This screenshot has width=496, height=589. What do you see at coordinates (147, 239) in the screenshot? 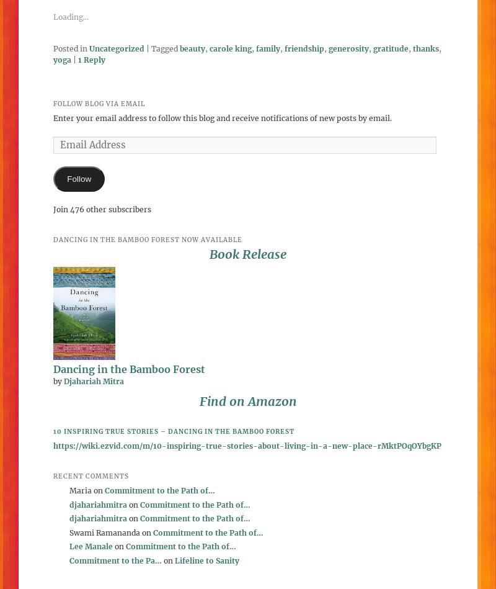
I see `'Dancing in the Bamboo Forest NOW AVAILABLE'` at bounding box center [147, 239].